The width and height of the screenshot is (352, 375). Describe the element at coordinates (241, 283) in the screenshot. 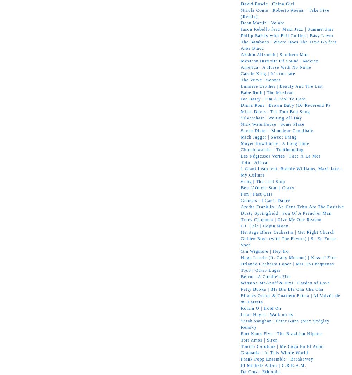

I see `'Winston McAnuff & Fixi | Garden of Love'` at that location.